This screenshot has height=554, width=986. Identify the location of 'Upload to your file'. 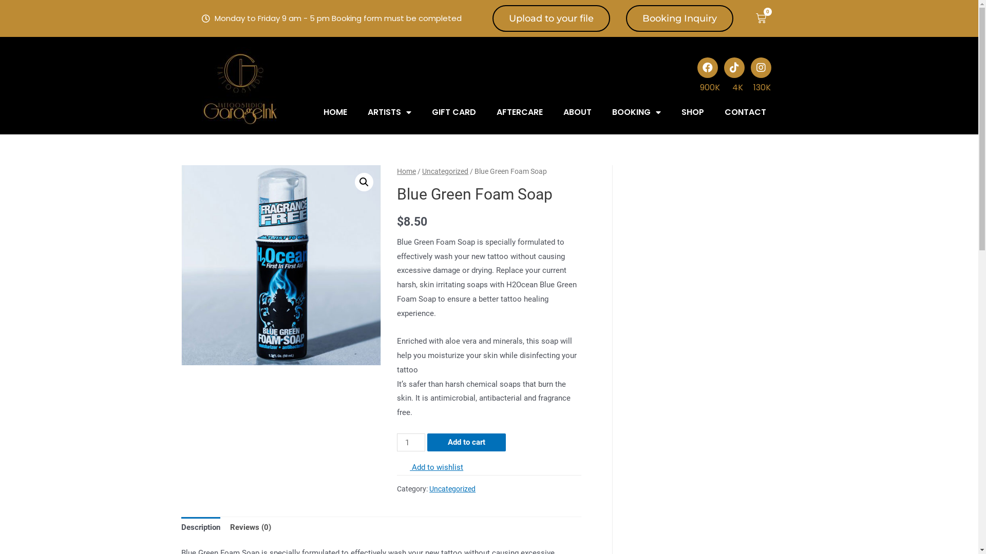
(492, 18).